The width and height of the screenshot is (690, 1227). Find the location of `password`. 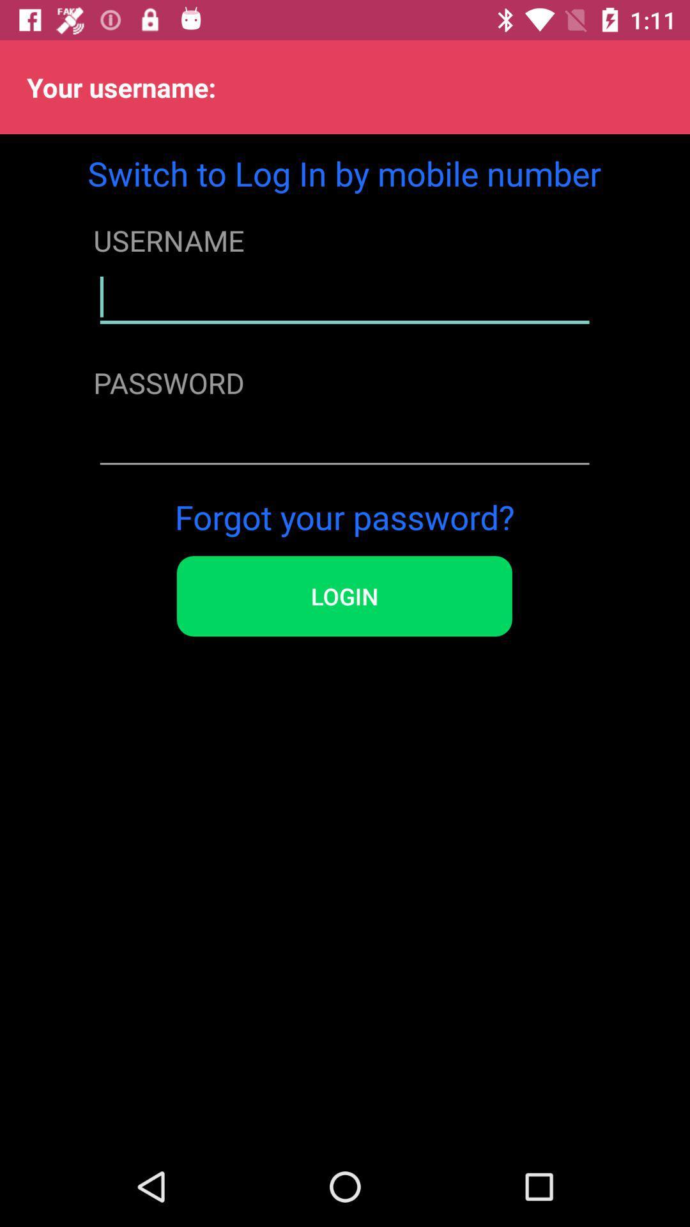

password is located at coordinates (344, 440).